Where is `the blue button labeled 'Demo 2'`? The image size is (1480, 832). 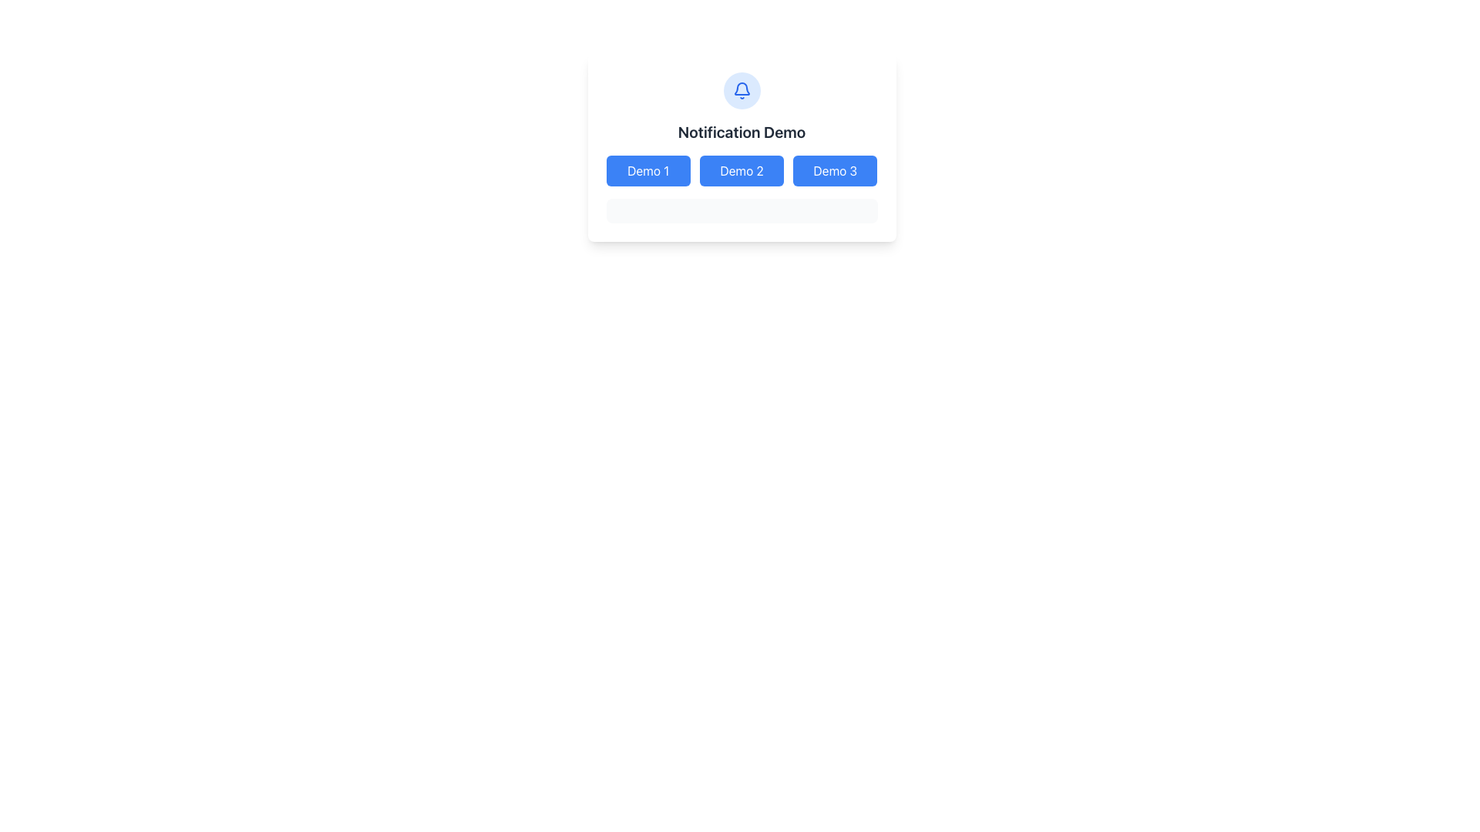 the blue button labeled 'Demo 2' is located at coordinates (742, 171).